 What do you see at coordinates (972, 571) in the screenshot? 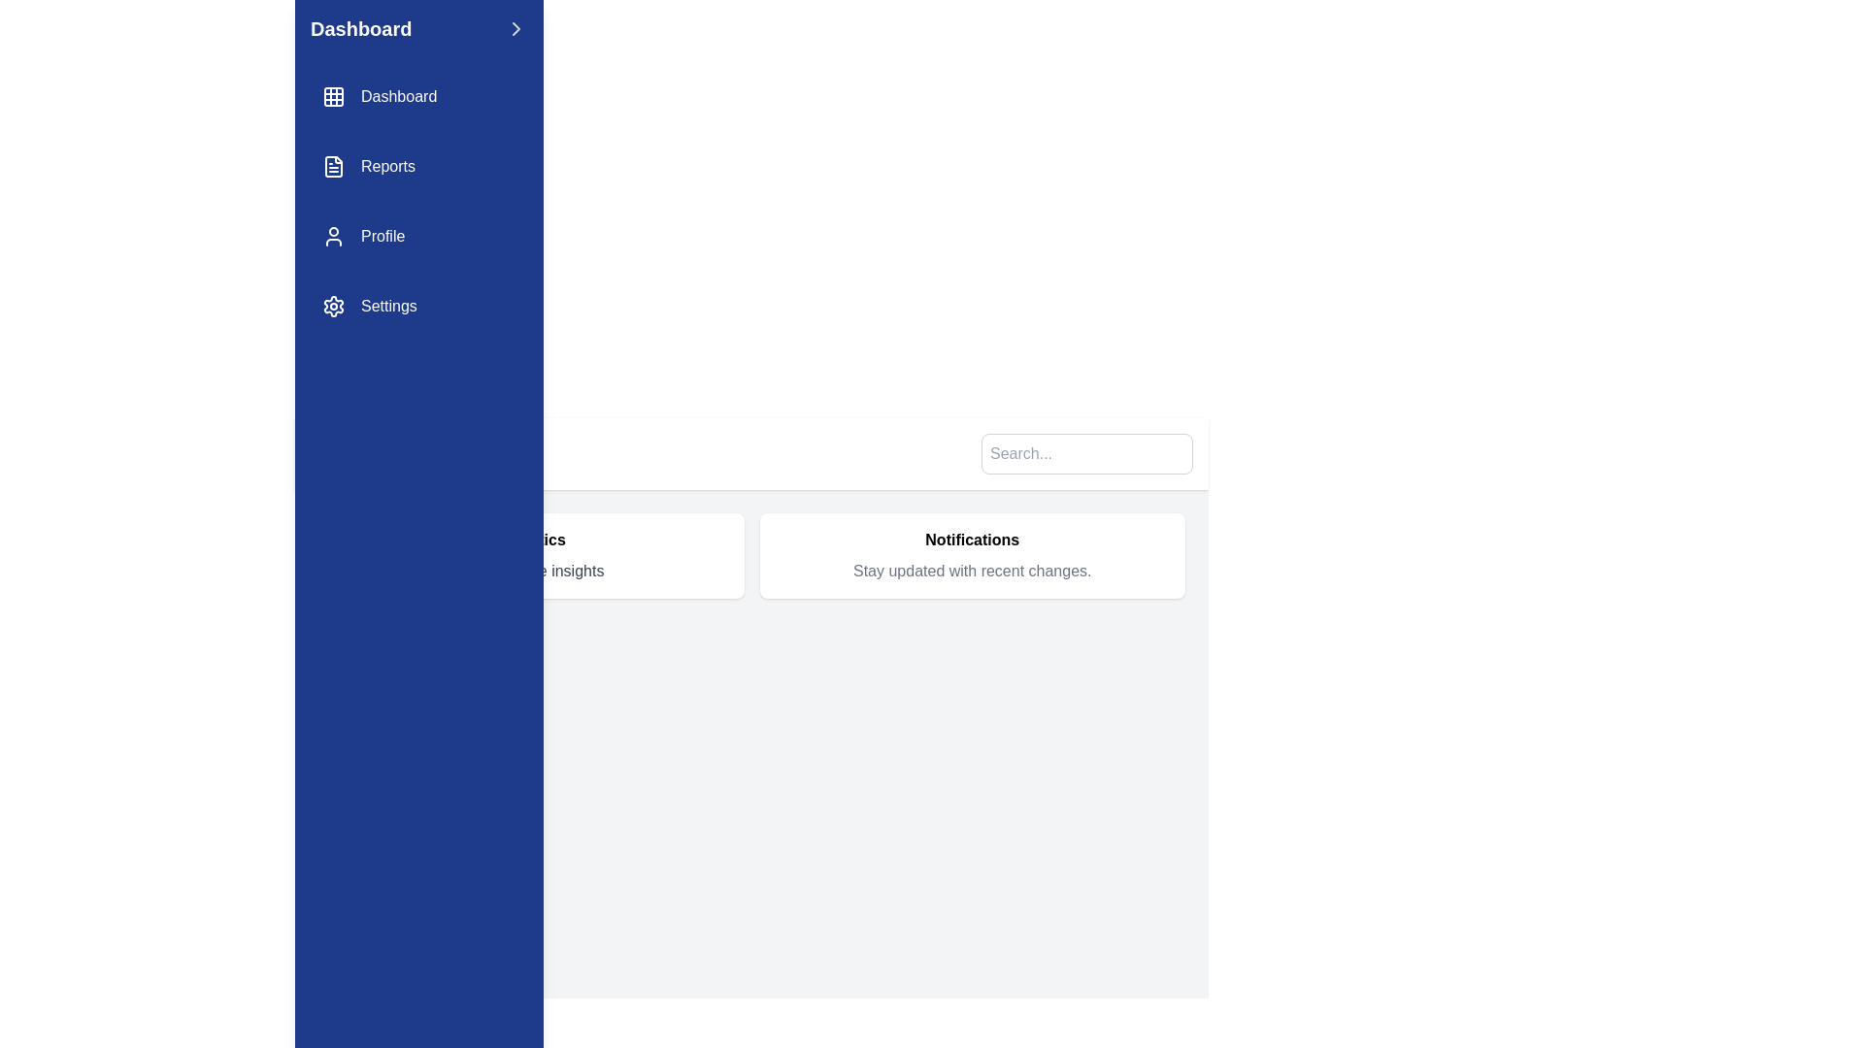
I see `the text label displaying 'Stay updated with recent changes.' which is located below the bold title 'Notifications' within a white rounded rectangle box` at bounding box center [972, 571].